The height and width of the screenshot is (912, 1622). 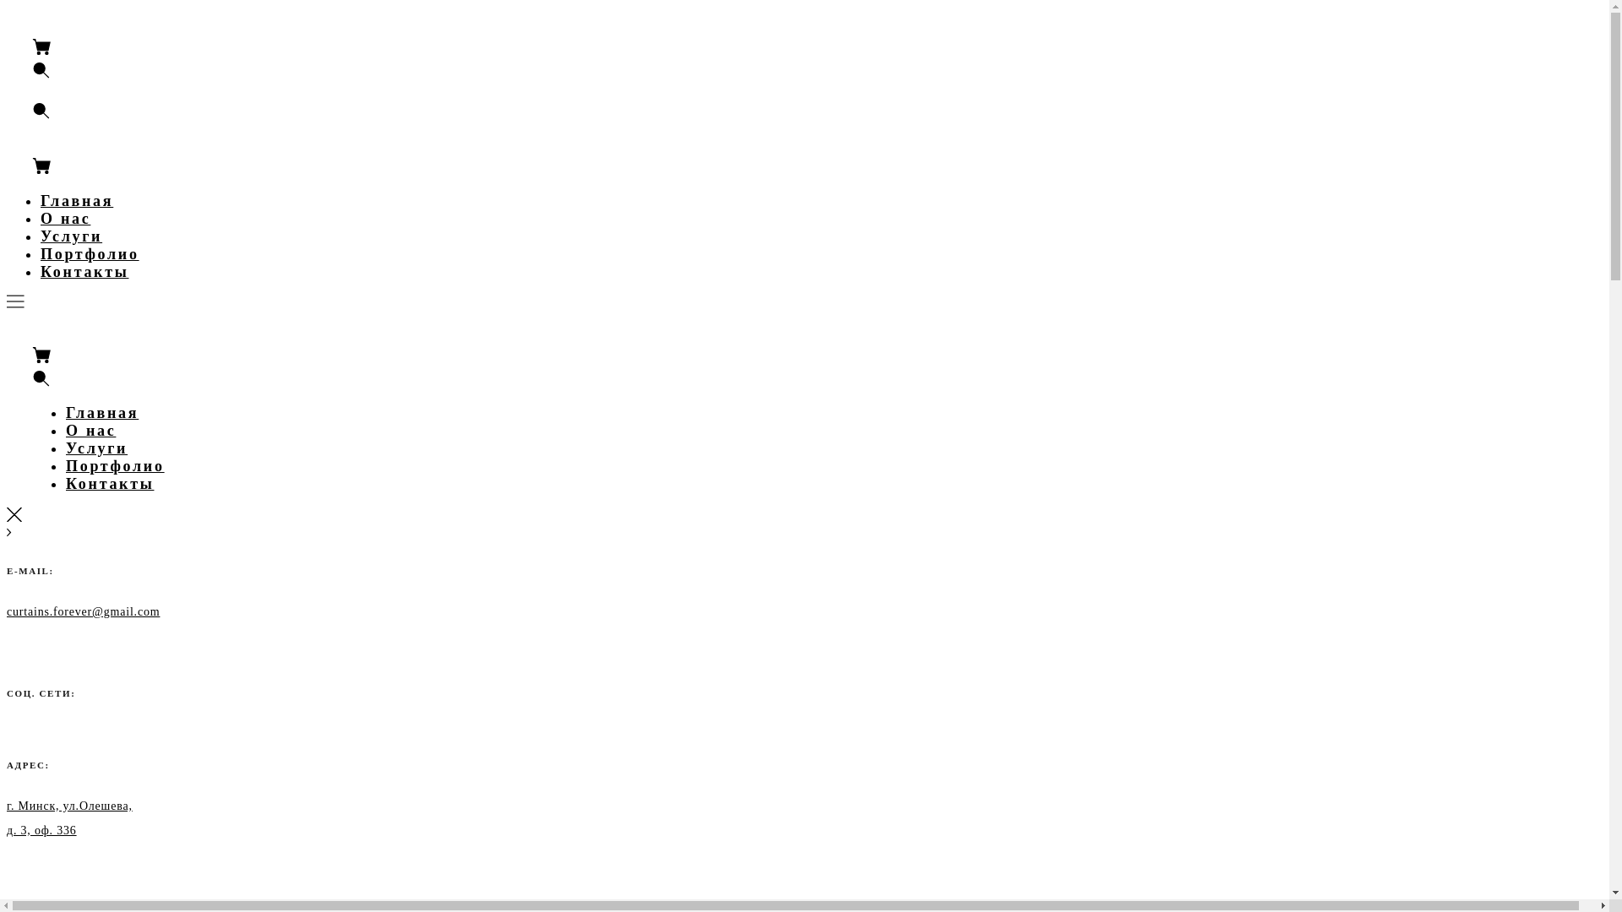 What do you see at coordinates (82, 611) in the screenshot?
I see `'curtains.forever@gmail.com'` at bounding box center [82, 611].